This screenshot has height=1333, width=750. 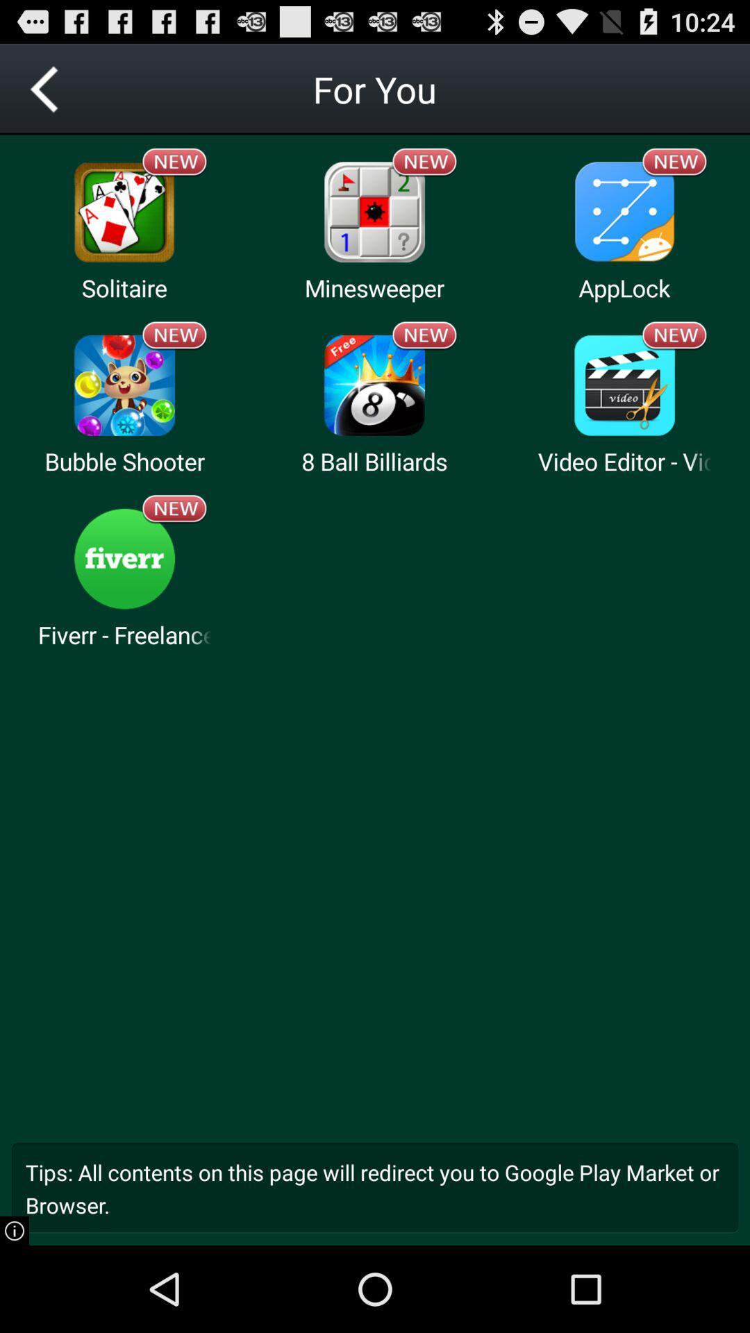 What do you see at coordinates (174, 508) in the screenshot?
I see `icon below bubble shooter item` at bounding box center [174, 508].